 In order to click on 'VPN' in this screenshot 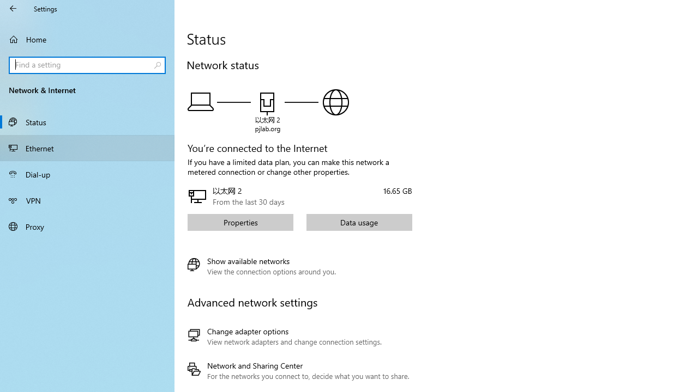, I will do `click(87, 200)`.